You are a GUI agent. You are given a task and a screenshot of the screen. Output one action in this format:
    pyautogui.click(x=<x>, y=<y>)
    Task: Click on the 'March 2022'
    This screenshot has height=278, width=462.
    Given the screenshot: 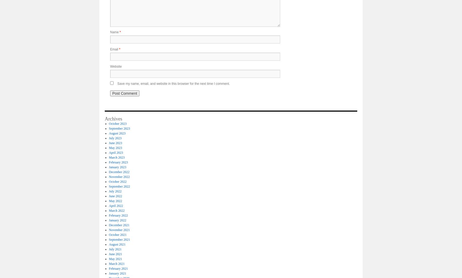 What is the action you would take?
    pyautogui.click(x=109, y=210)
    